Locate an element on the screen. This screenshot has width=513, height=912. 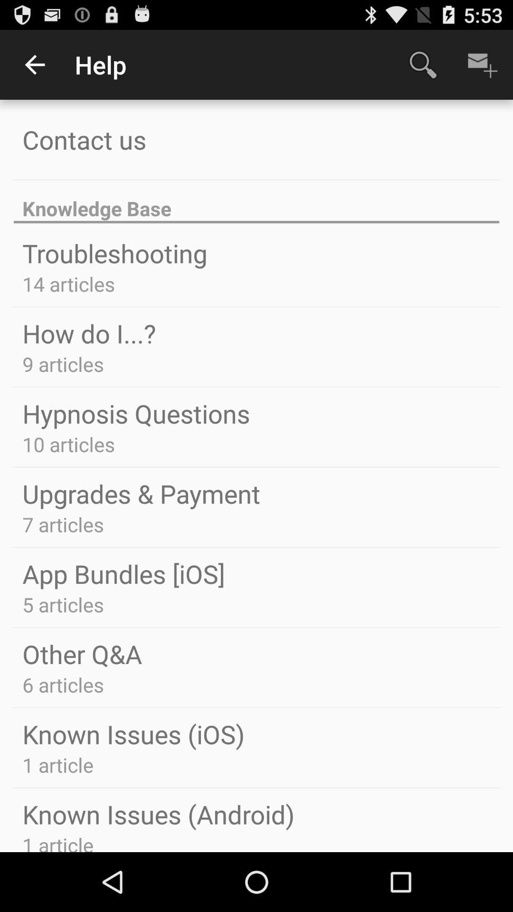
the icon above 7 articles item is located at coordinates (141, 494).